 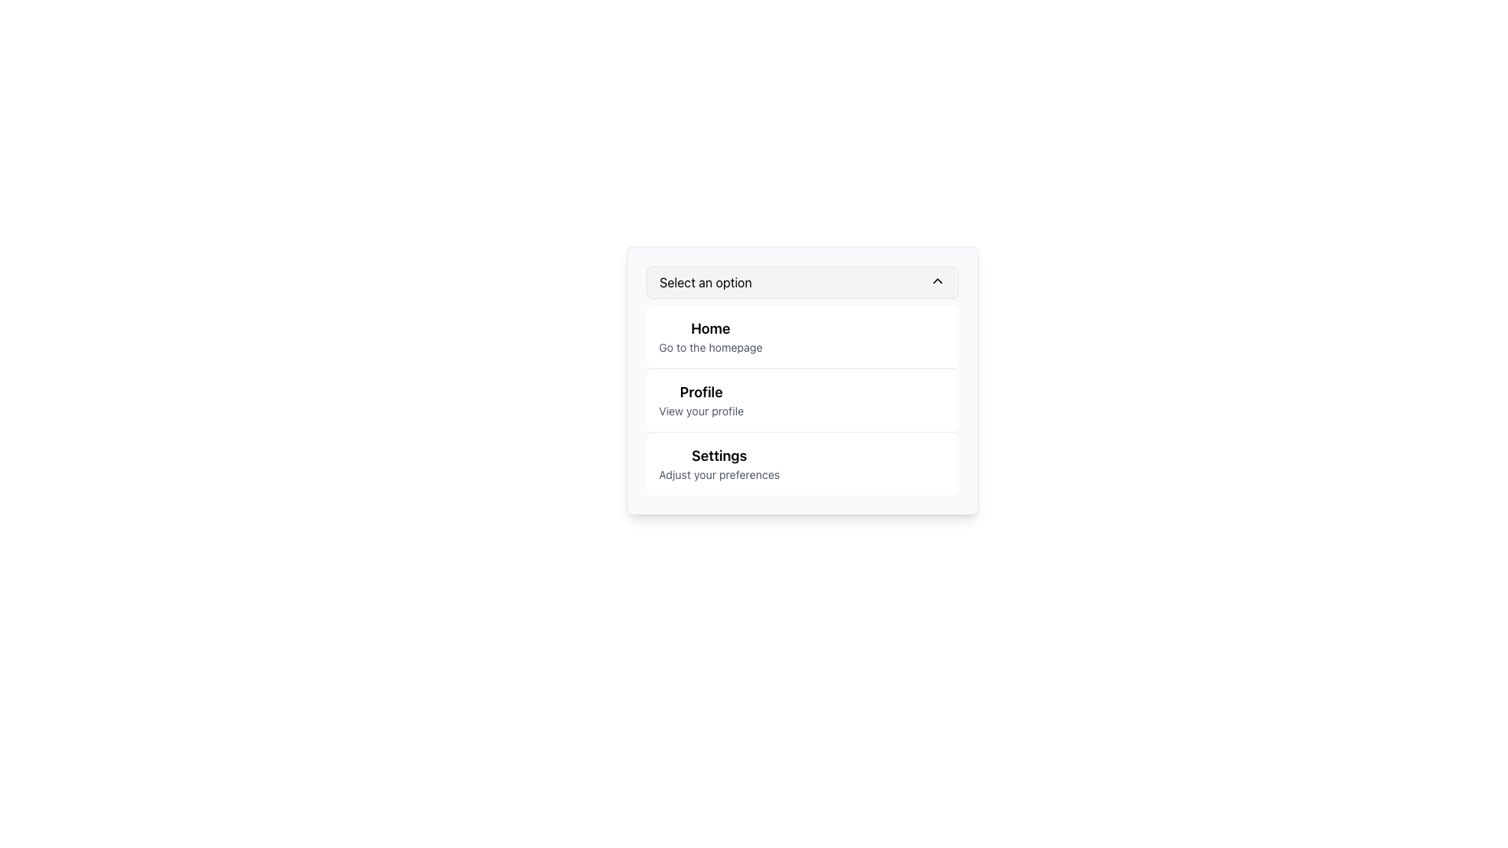 What do you see at coordinates (719, 456) in the screenshot?
I see `the bold text 'Settings' in the dropdown menu` at bounding box center [719, 456].